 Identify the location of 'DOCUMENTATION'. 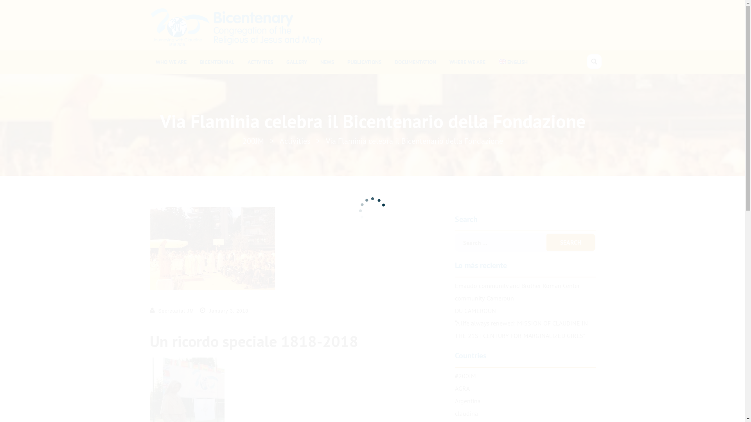
(415, 61).